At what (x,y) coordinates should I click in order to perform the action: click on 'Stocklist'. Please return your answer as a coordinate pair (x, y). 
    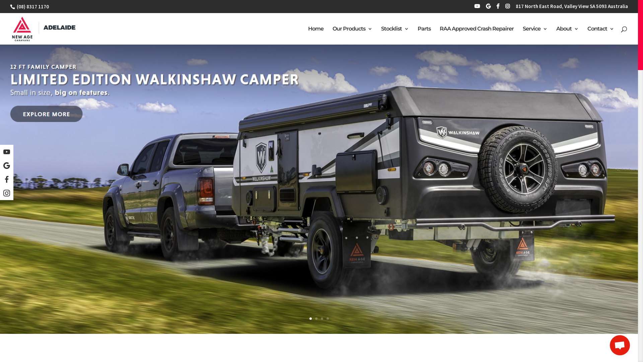
    Looking at the image, I should click on (395, 35).